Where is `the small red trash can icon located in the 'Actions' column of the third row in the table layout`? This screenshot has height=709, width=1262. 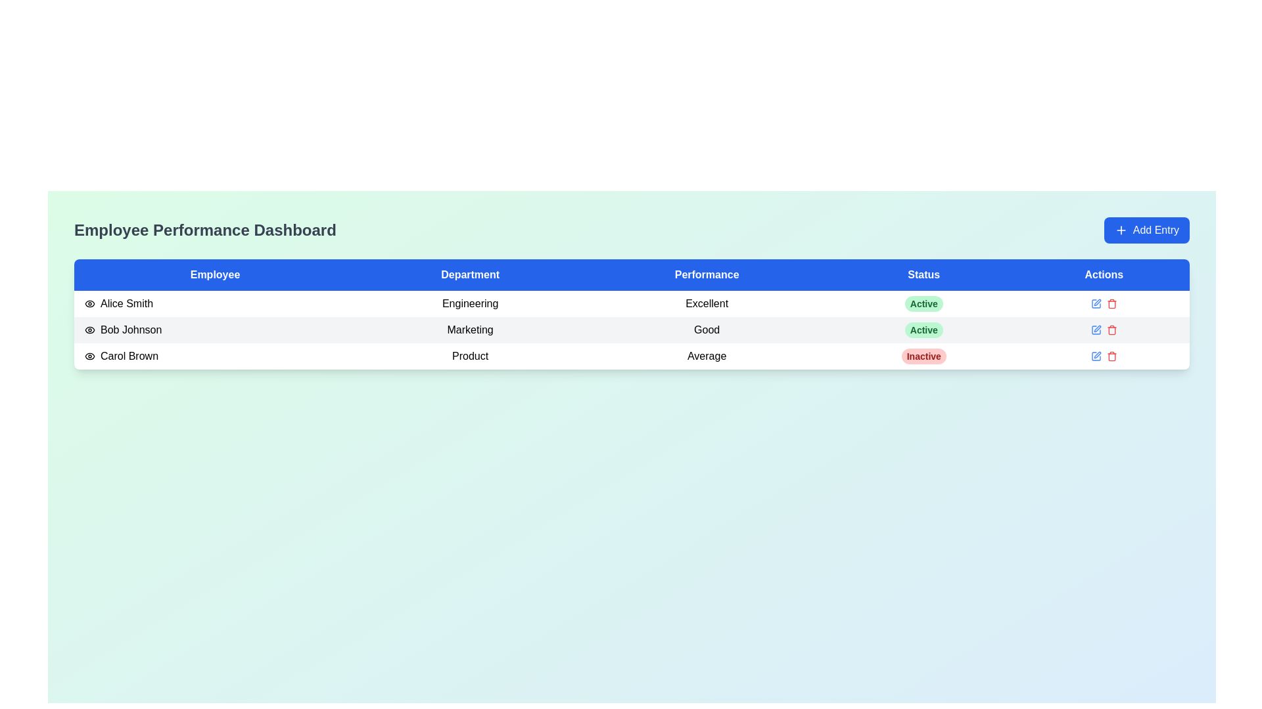 the small red trash can icon located in the 'Actions' column of the third row in the table layout is located at coordinates (1111, 303).